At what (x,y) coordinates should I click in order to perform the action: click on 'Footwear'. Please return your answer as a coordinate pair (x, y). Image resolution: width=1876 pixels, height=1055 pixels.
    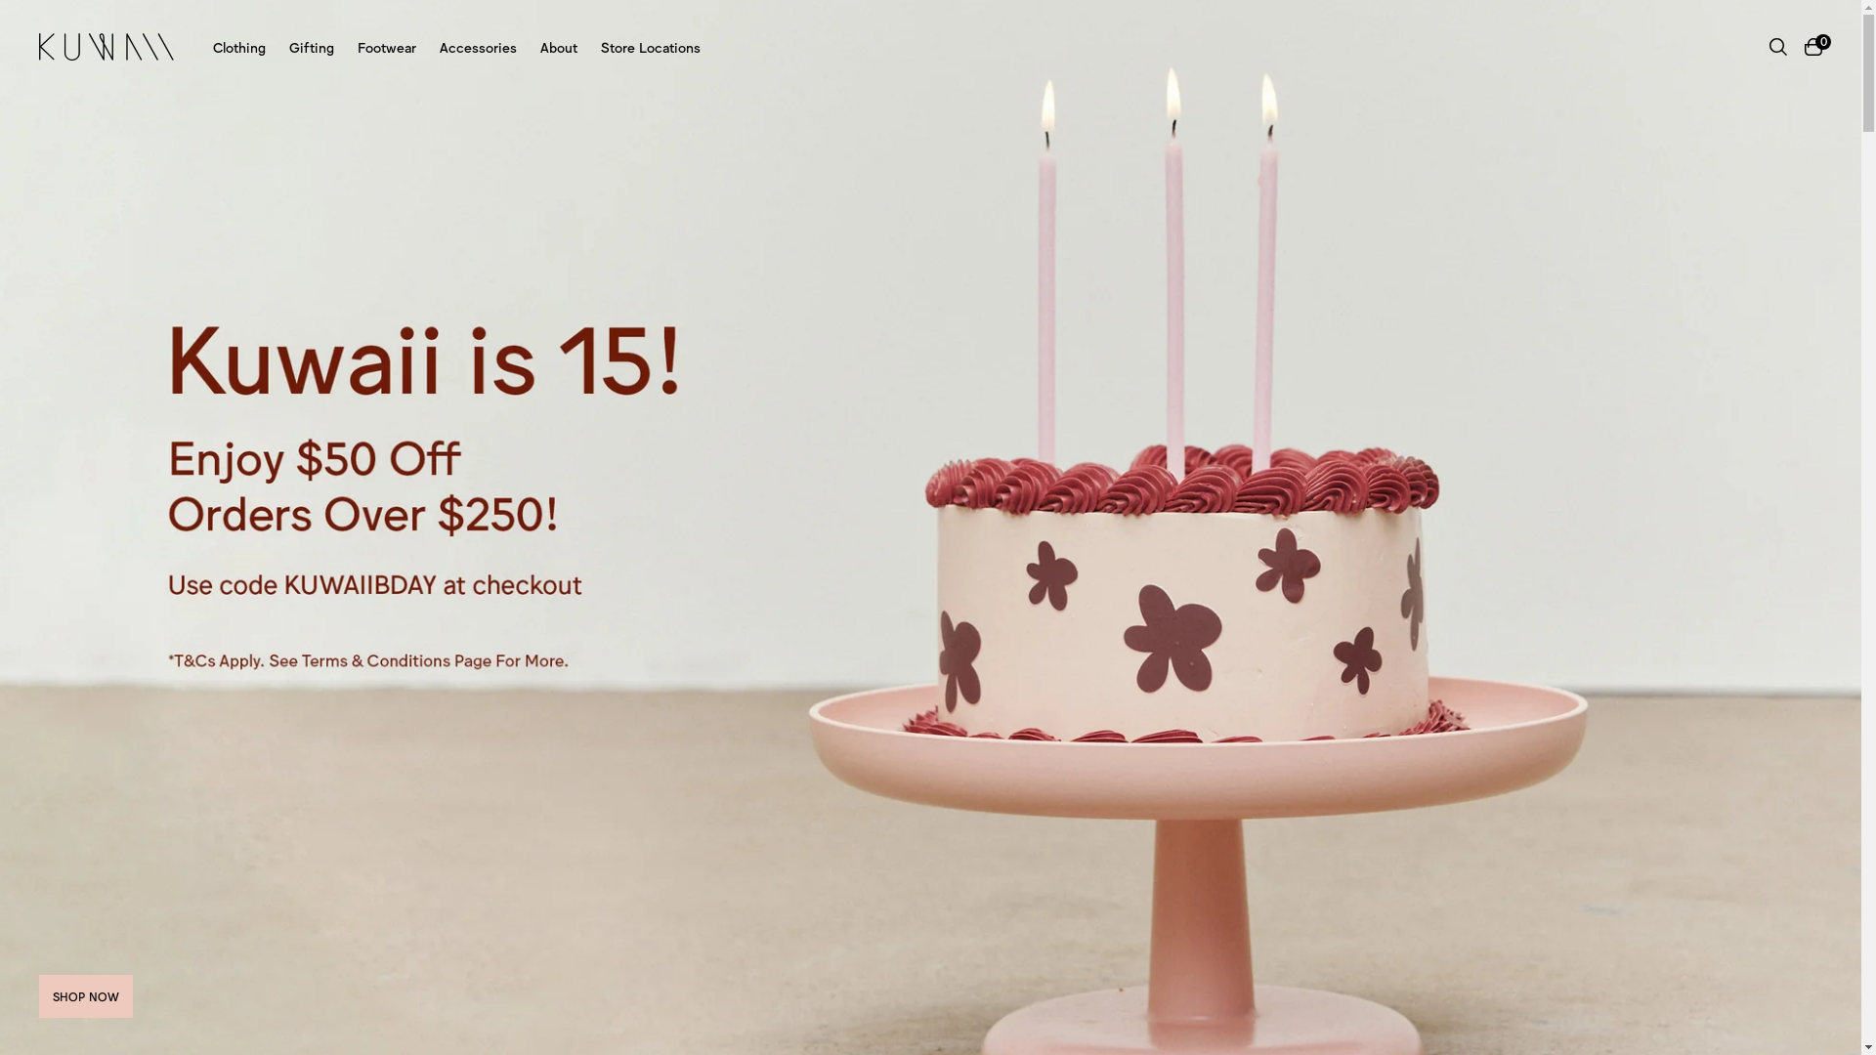
    Looking at the image, I should click on (386, 45).